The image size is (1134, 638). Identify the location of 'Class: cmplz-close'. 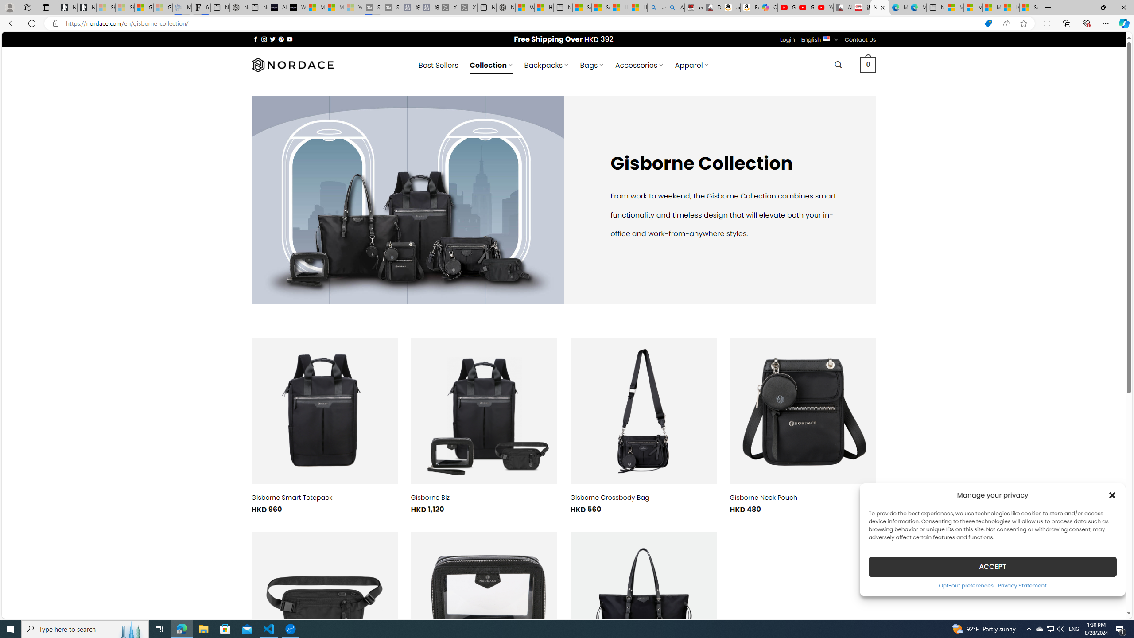
(1112, 495).